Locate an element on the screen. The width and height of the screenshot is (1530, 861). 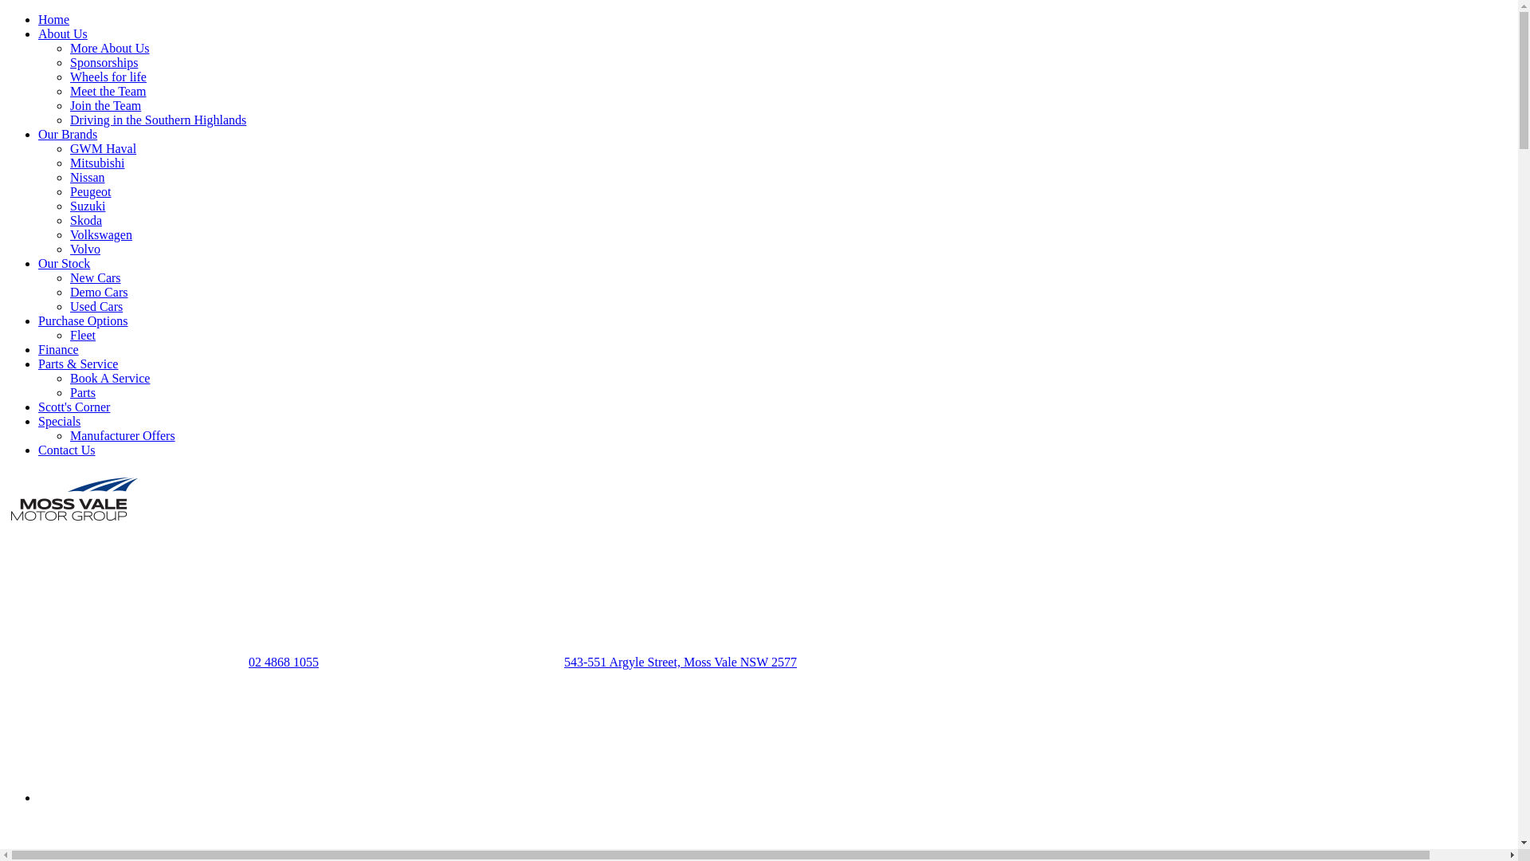
'Suzuki' is located at coordinates (87, 205).